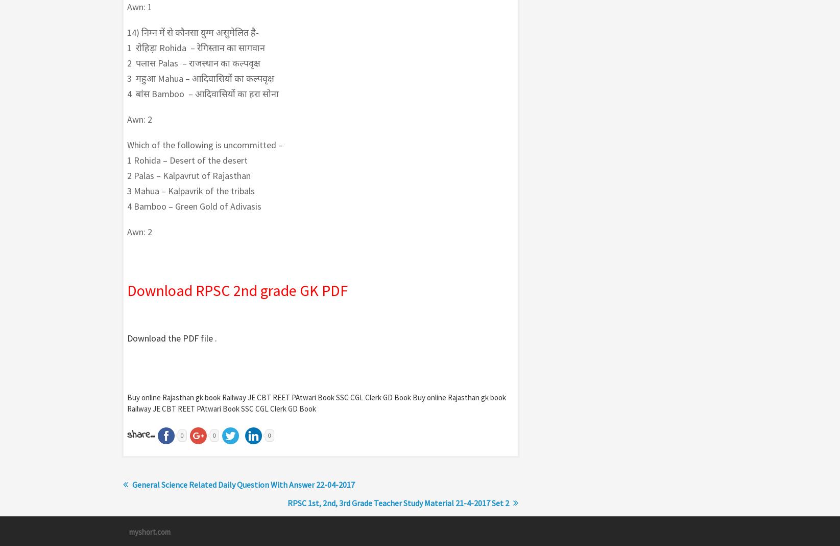  I want to click on 'Buy online Rajasthan gk book Railway JE CBT REET PAtwari Book SSC CGL Clerk GD Book

Buy online Rajasthan gk book Railway JE CBT REET PAtwari Book SSC CGL Clerk GD Book', so click(127, 402).